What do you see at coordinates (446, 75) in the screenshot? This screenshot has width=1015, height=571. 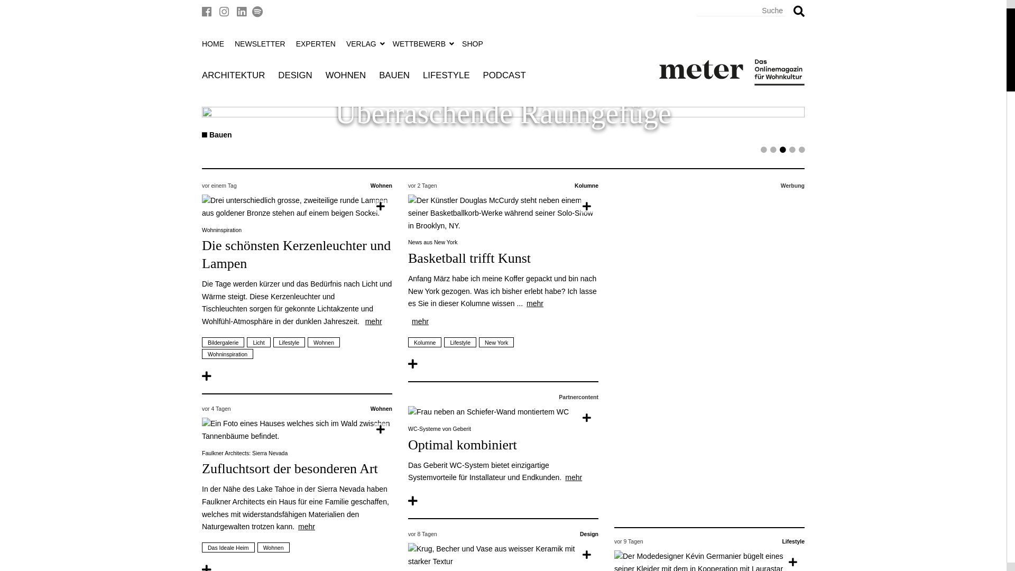 I see `'LIFESTYLE'` at bounding box center [446, 75].